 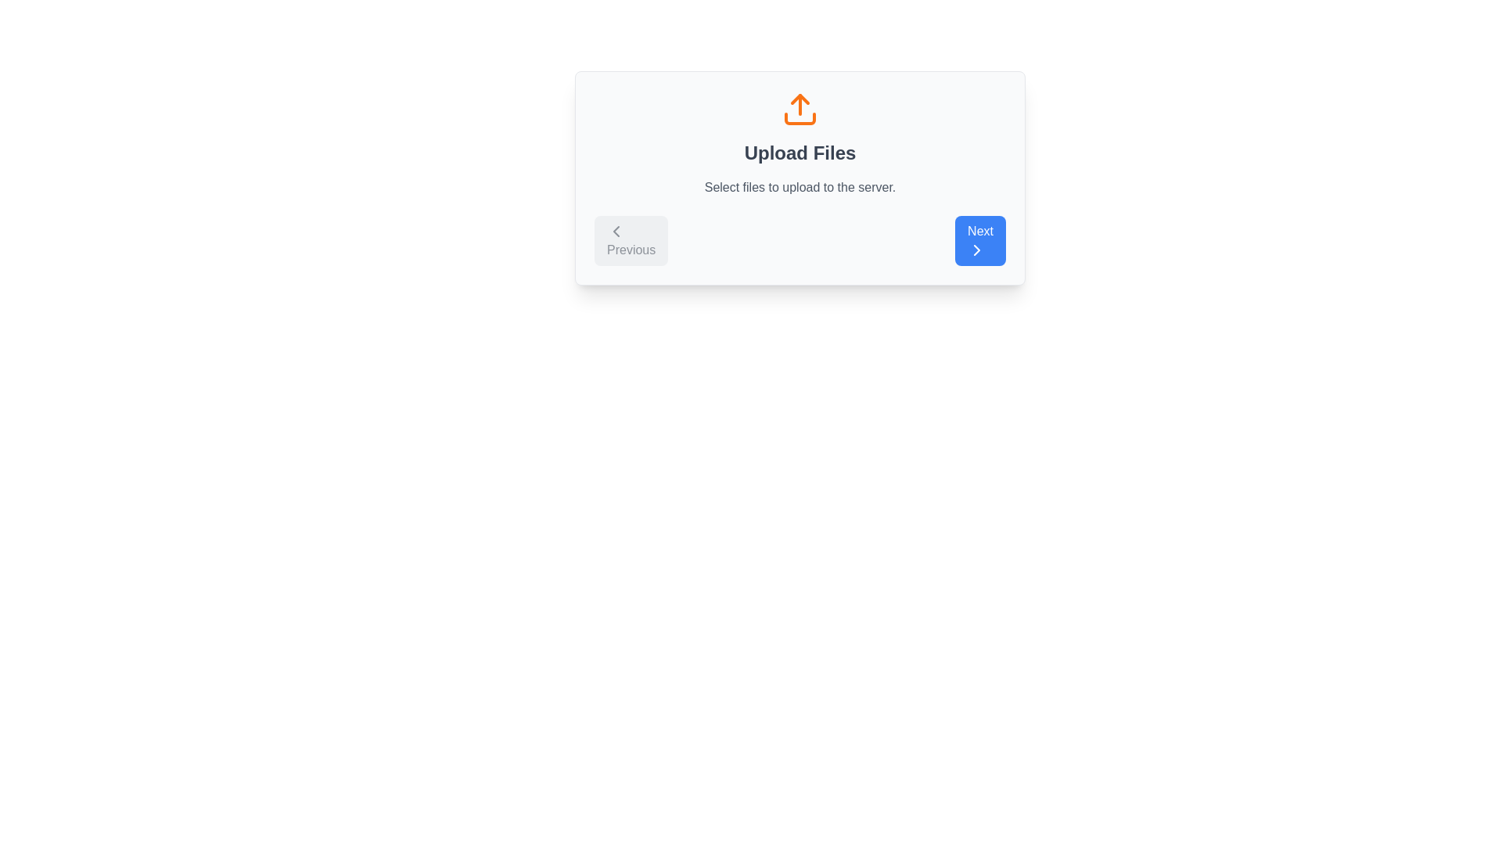 I want to click on the navigation button located at the bottom left of the card interface, which allows users to go to the previous step in a multi-step process, so click(x=631, y=241).